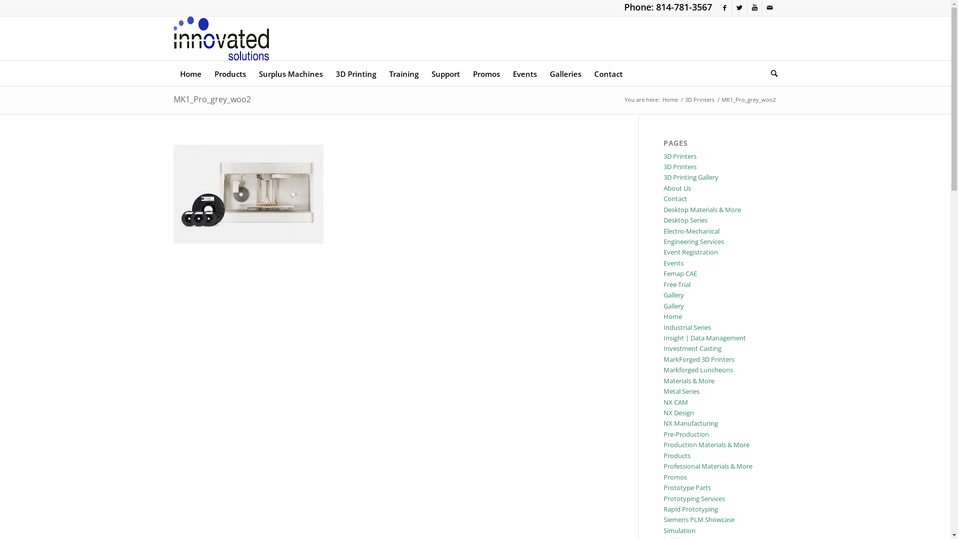  Describe the element at coordinates (690, 252) in the screenshot. I see `'Event Registration'` at that location.